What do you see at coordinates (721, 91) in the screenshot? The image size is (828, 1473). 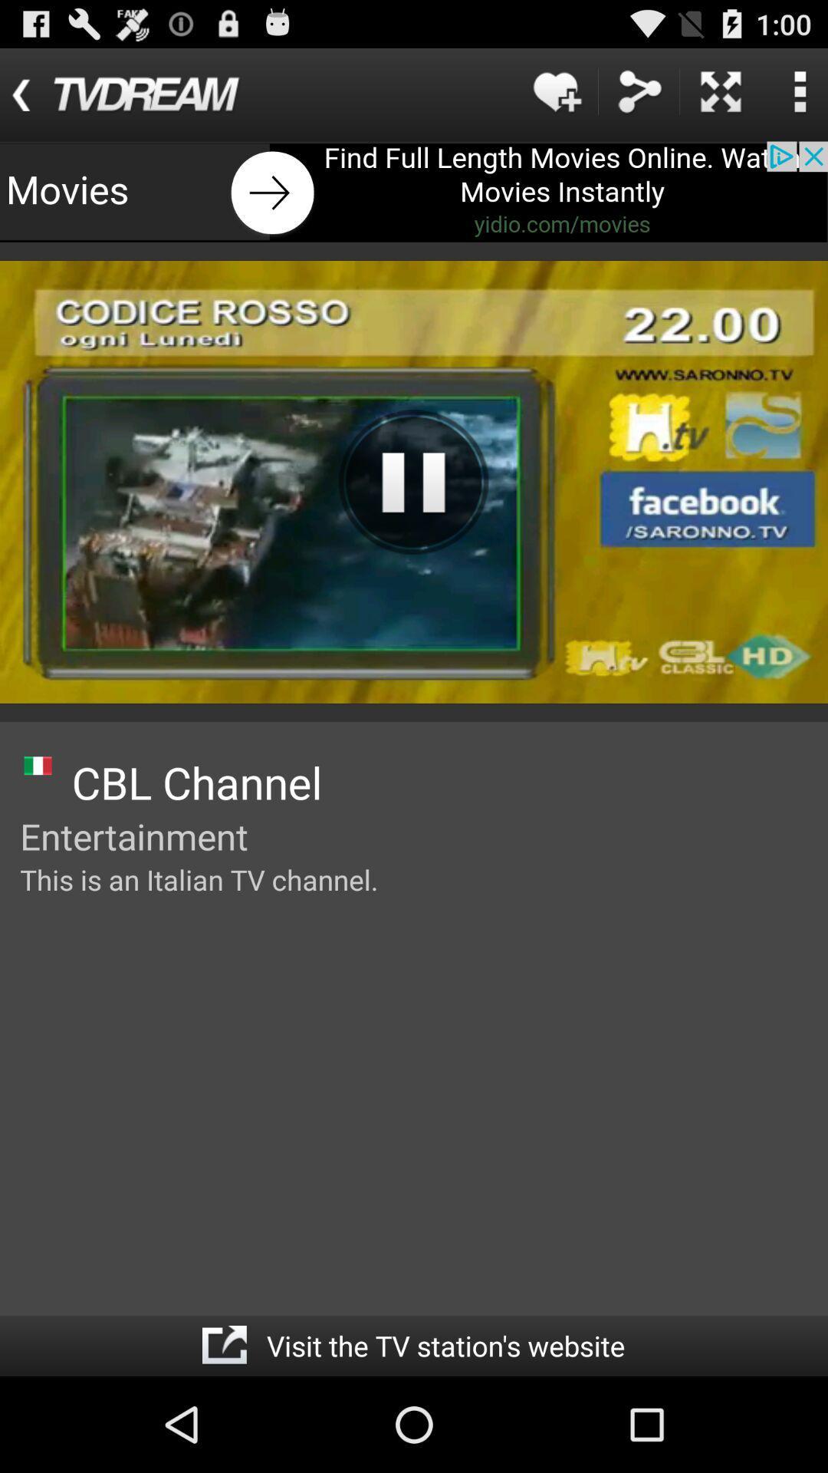 I see `more` at bounding box center [721, 91].